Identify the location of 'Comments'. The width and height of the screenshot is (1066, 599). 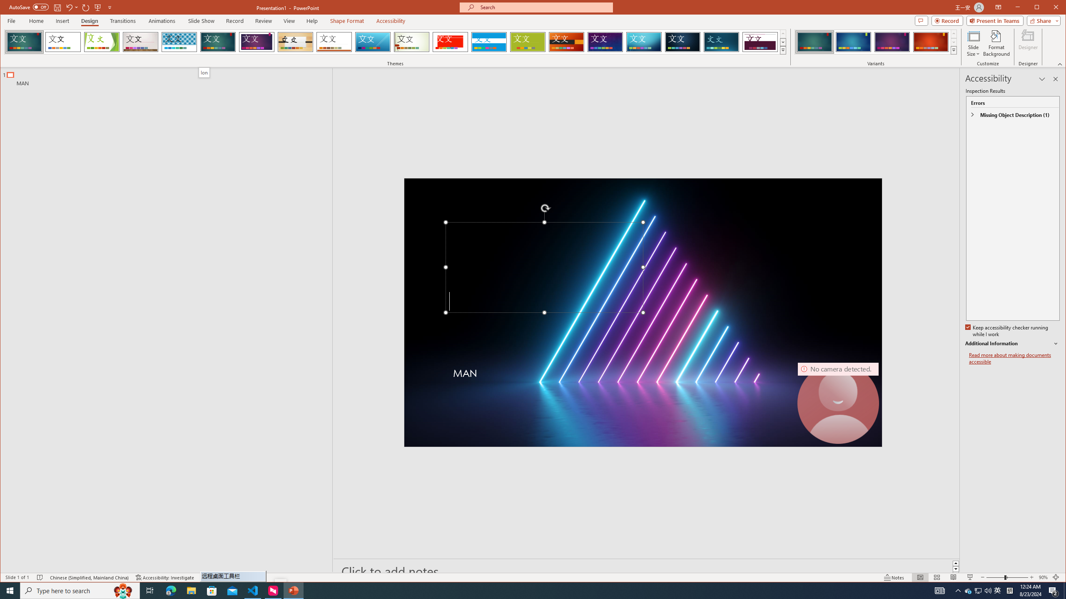
(922, 20).